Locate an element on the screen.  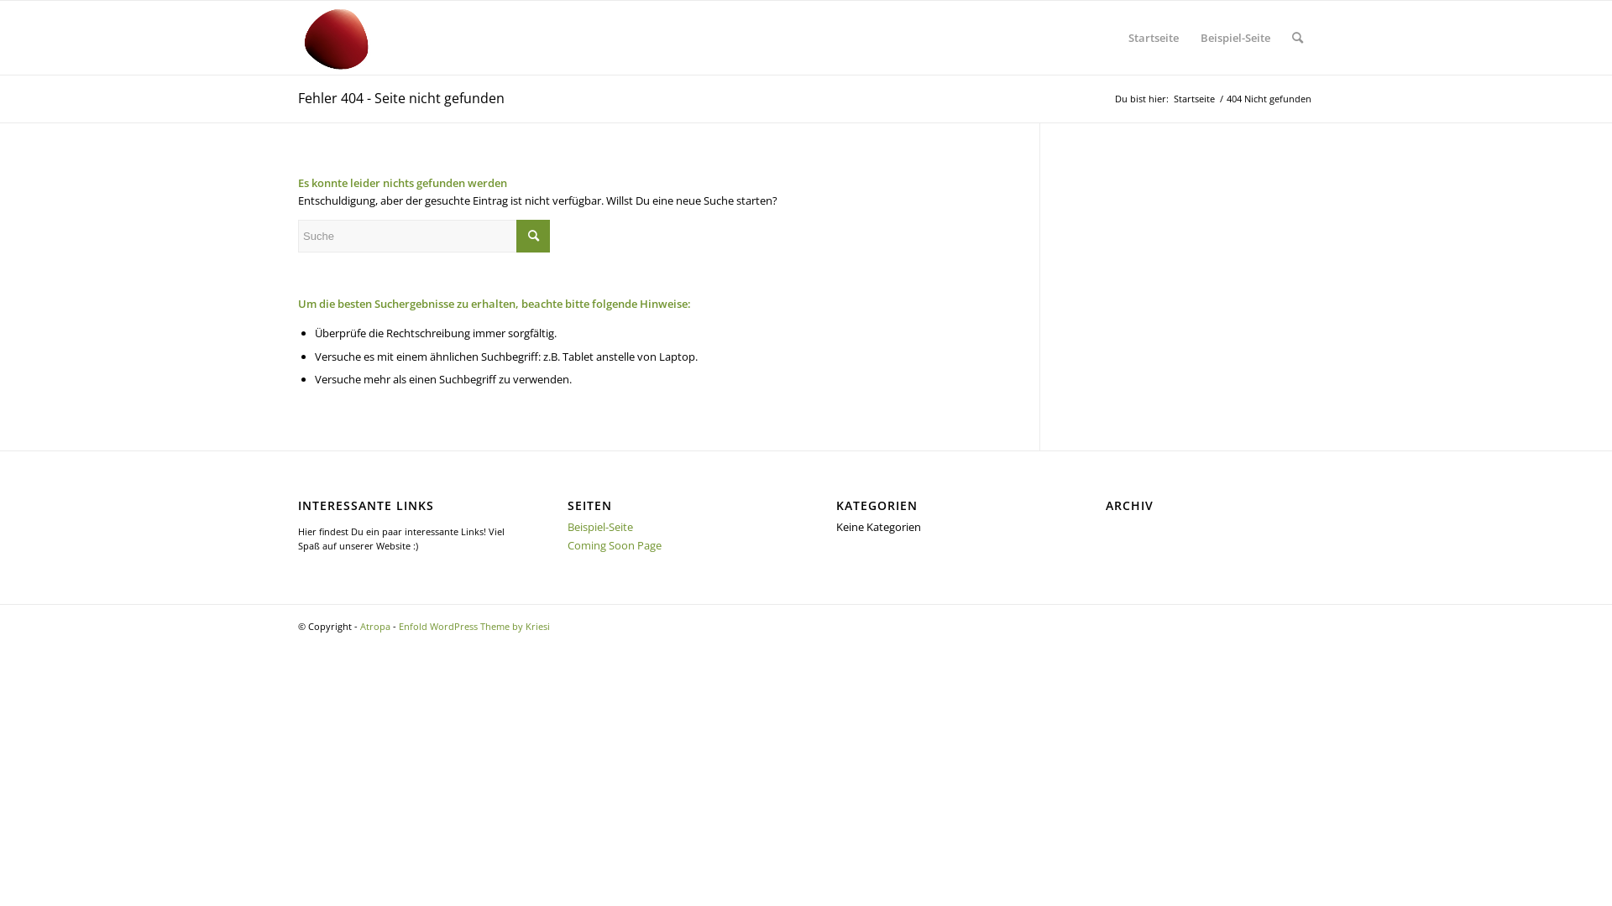
'Beispiel-Seite' is located at coordinates (1235, 38).